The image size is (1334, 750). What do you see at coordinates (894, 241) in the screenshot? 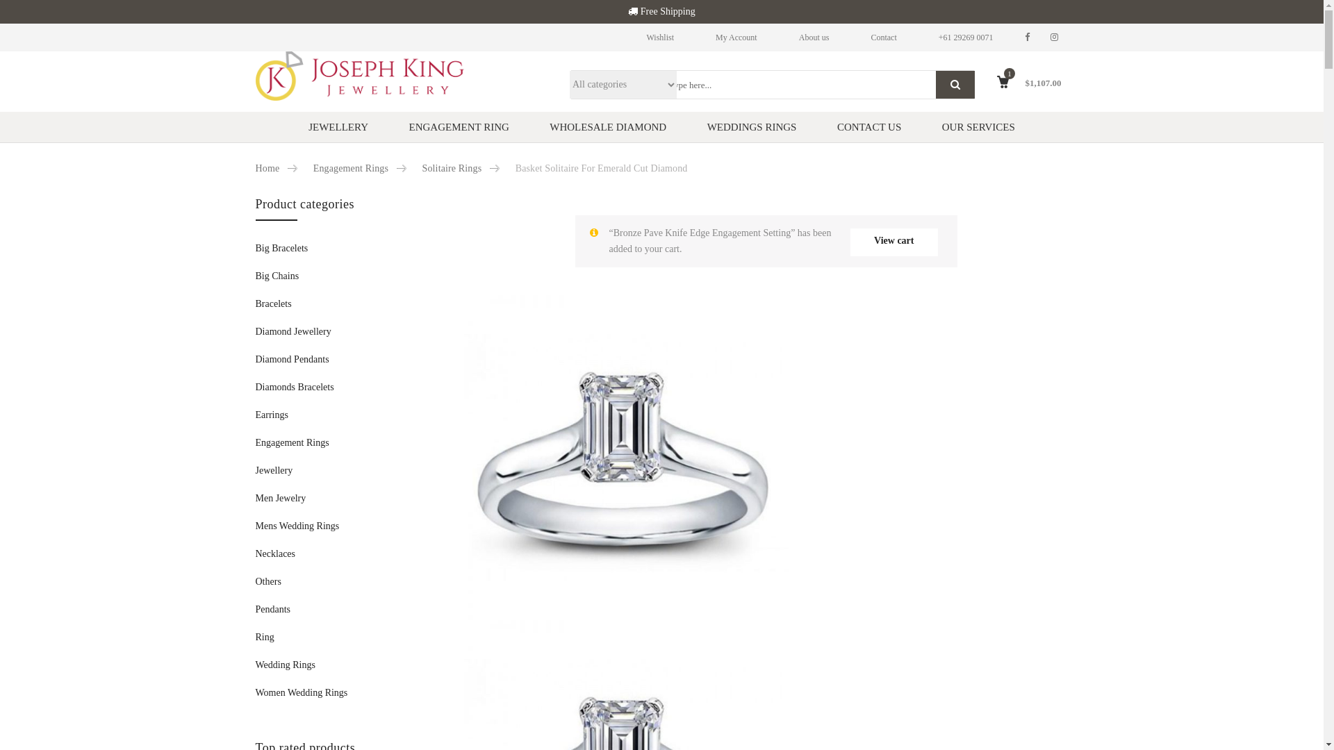
I see `'View cart'` at bounding box center [894, 241].